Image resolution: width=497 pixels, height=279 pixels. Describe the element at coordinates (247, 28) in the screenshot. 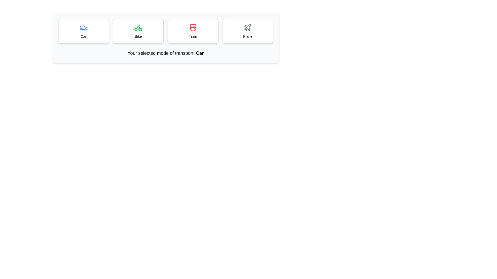

I see `the airplane icon, which is part of a button group and is located above the label 'Plane'` at that location.